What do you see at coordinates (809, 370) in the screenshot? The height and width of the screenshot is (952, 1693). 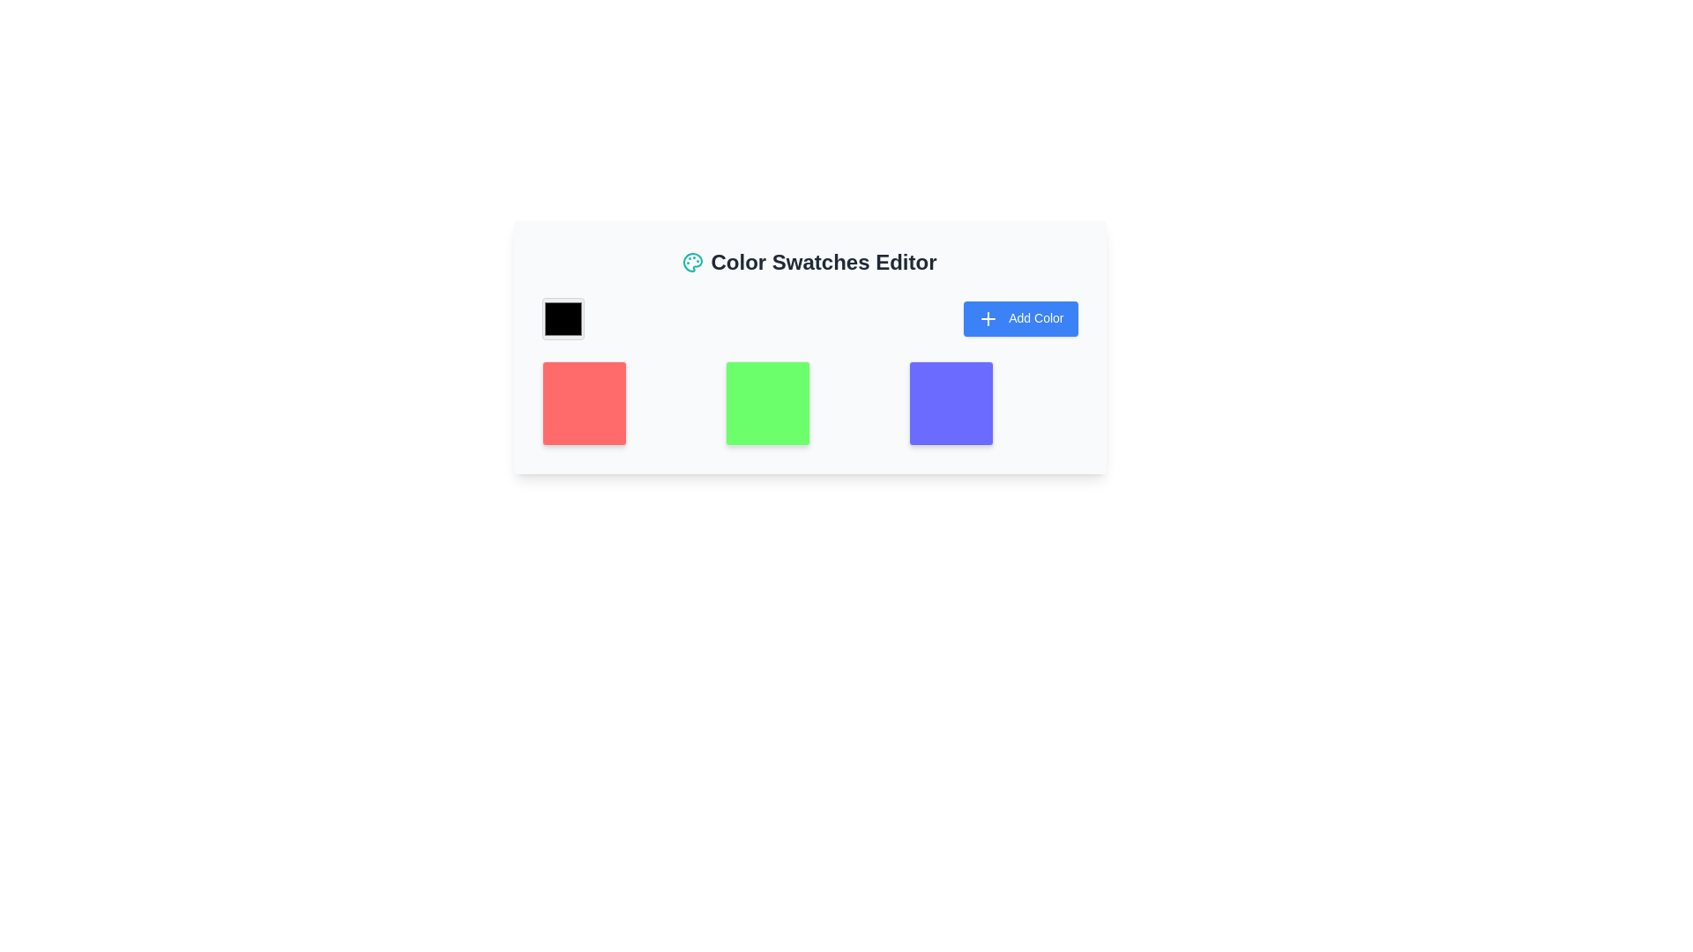 I see `the interactive green color swatch with rounded corners positioned between a red square on the left and a blue square on the right` at bounding box center [809, 370].